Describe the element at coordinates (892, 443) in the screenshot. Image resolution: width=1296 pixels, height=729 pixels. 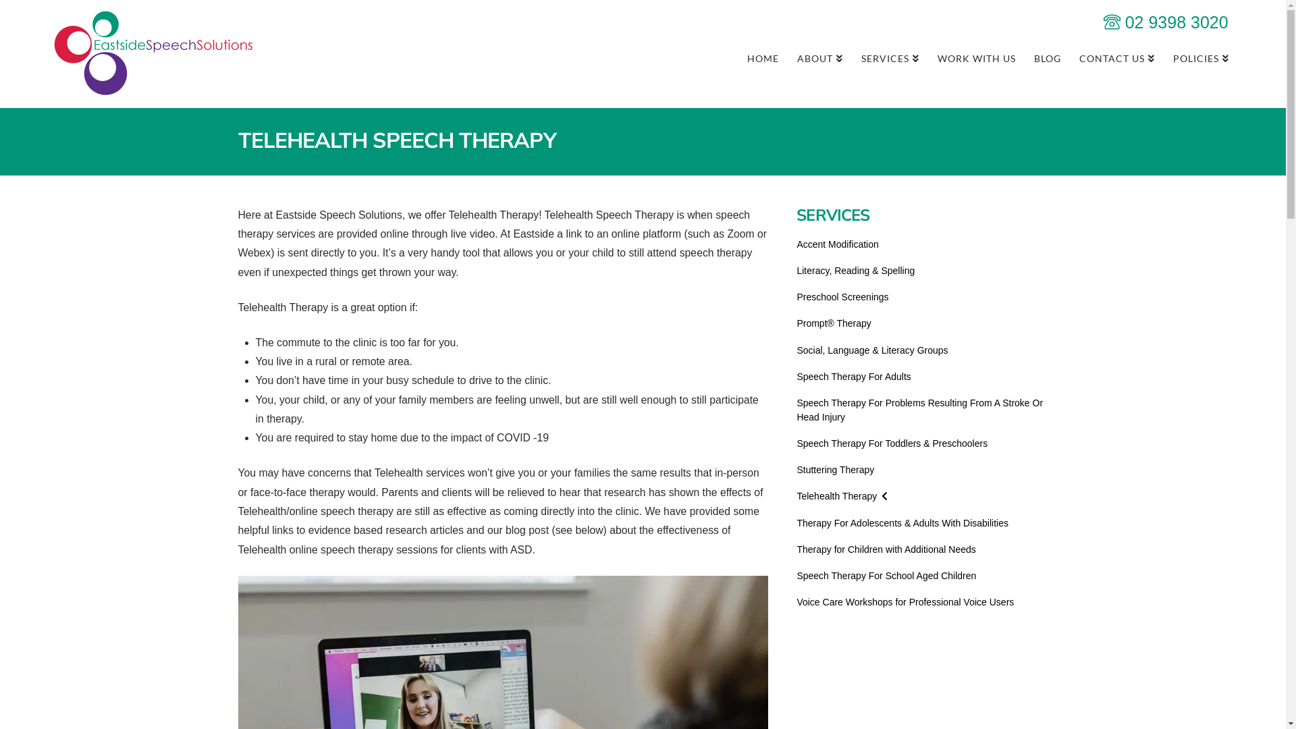
I see `'Speech Therapy For Toddlers & Preschoolers'` at that location.